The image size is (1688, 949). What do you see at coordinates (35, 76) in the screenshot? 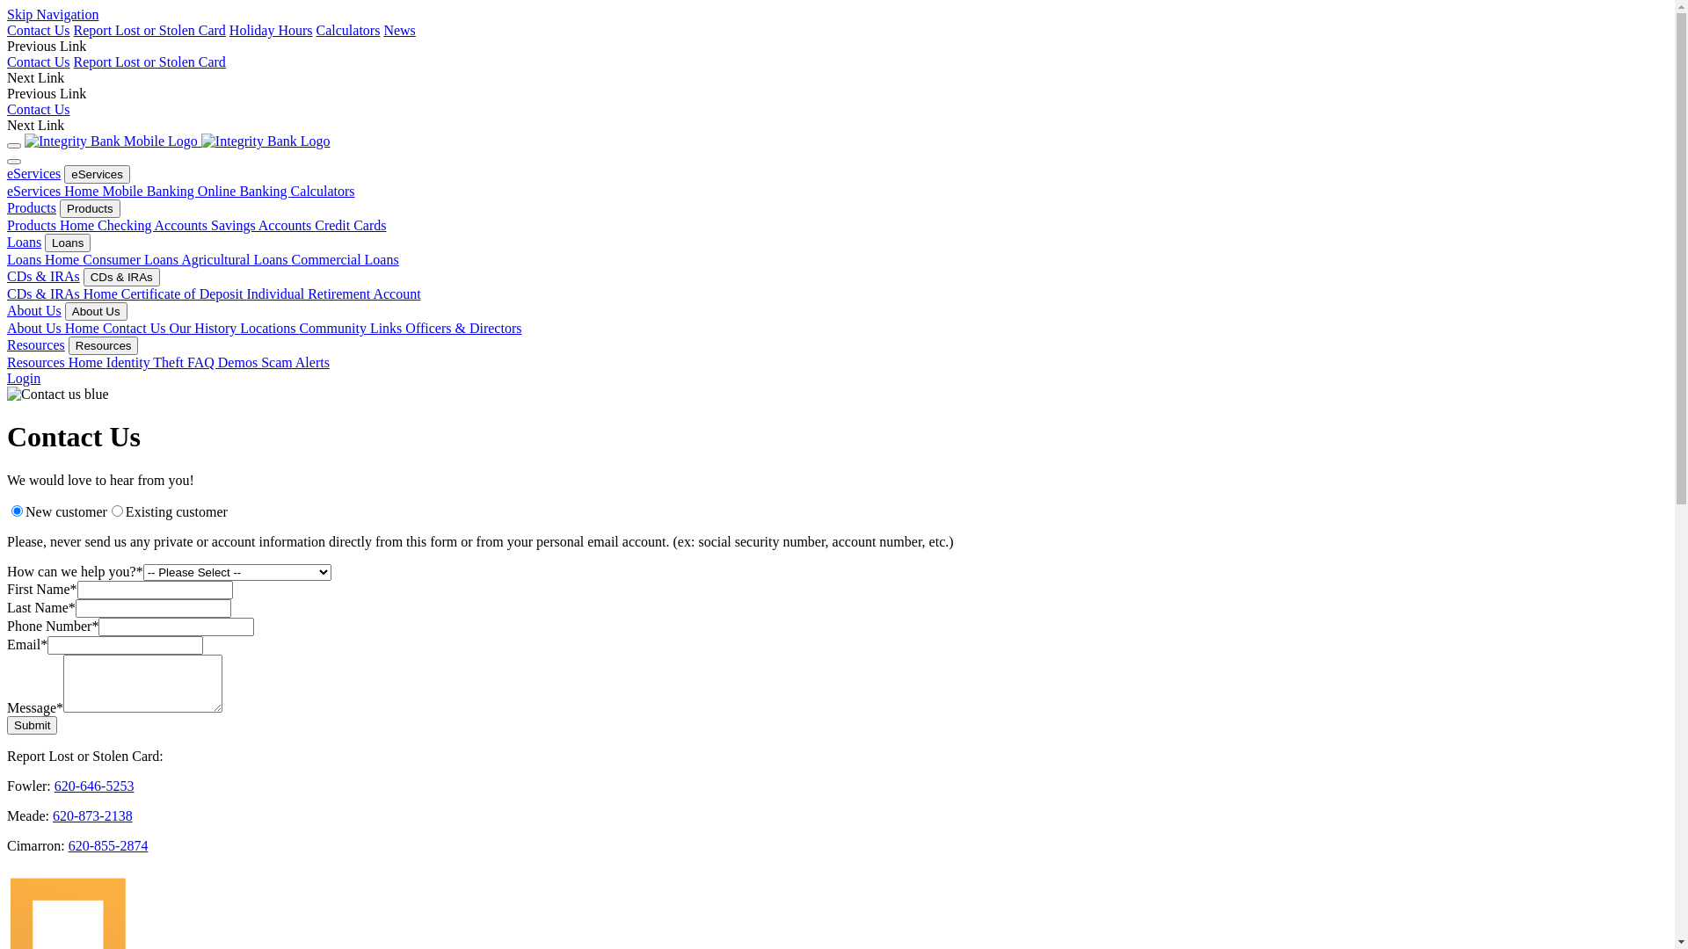
I see `'Next Link'` at bounding box center [35, 76].